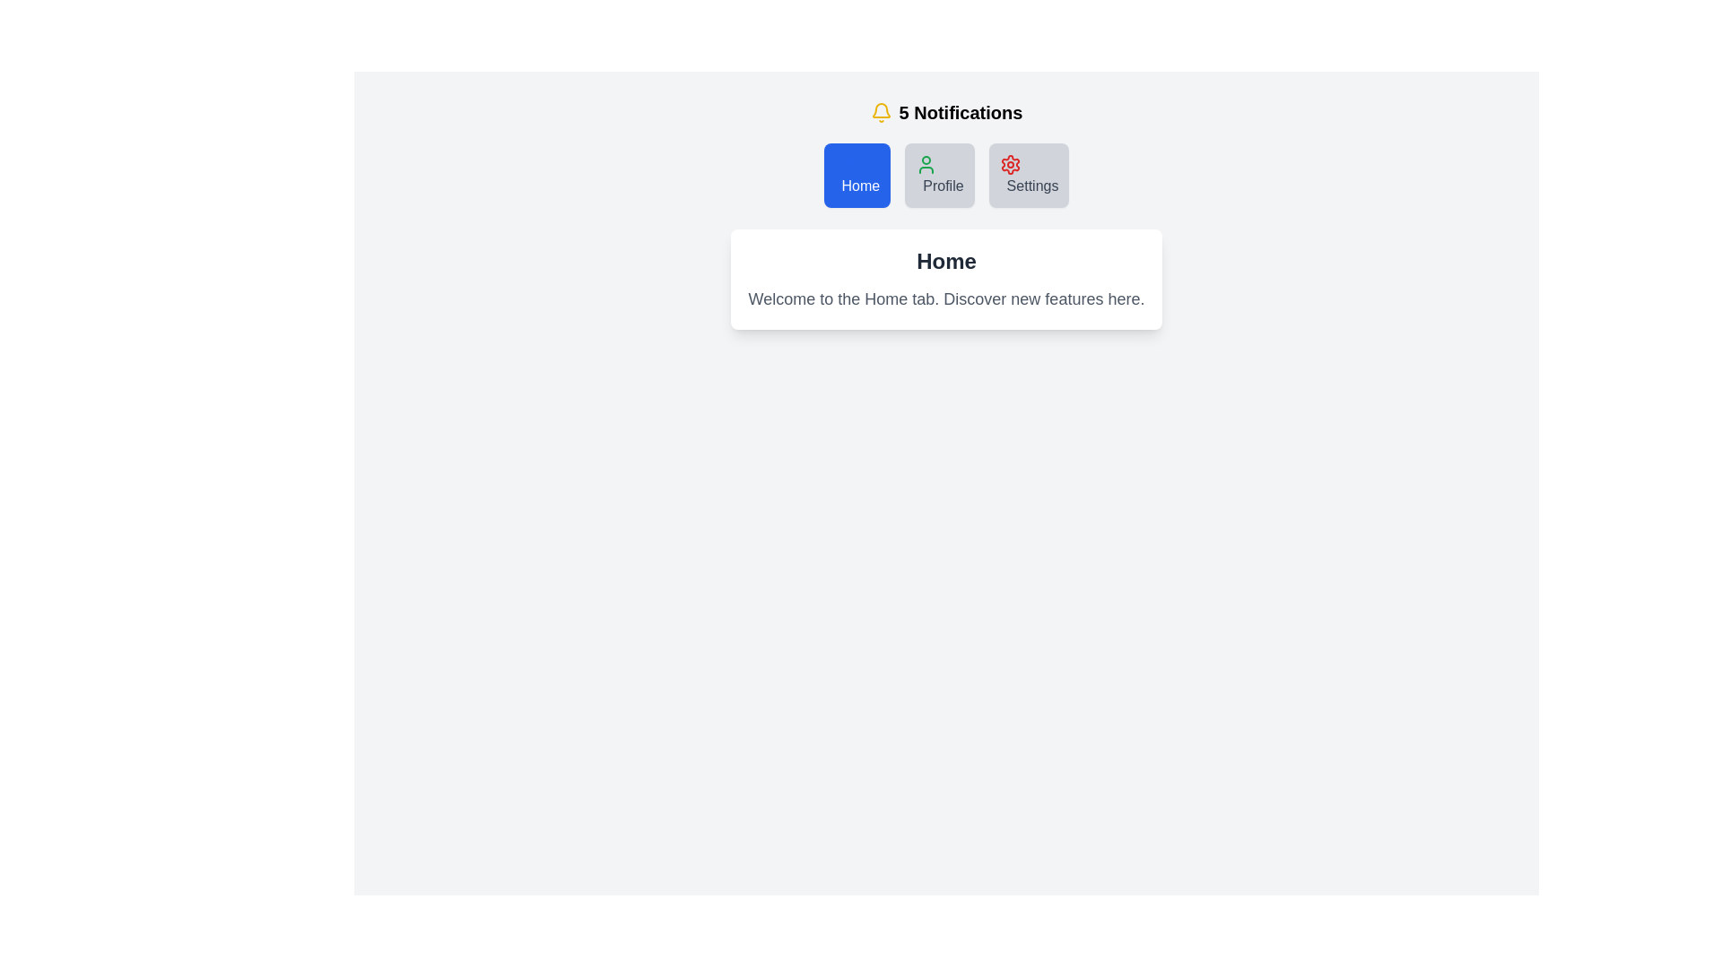  Describe the element at coordinates (856, 176) in the screenshot. I see `the Home tab by clicking its button` at that location.